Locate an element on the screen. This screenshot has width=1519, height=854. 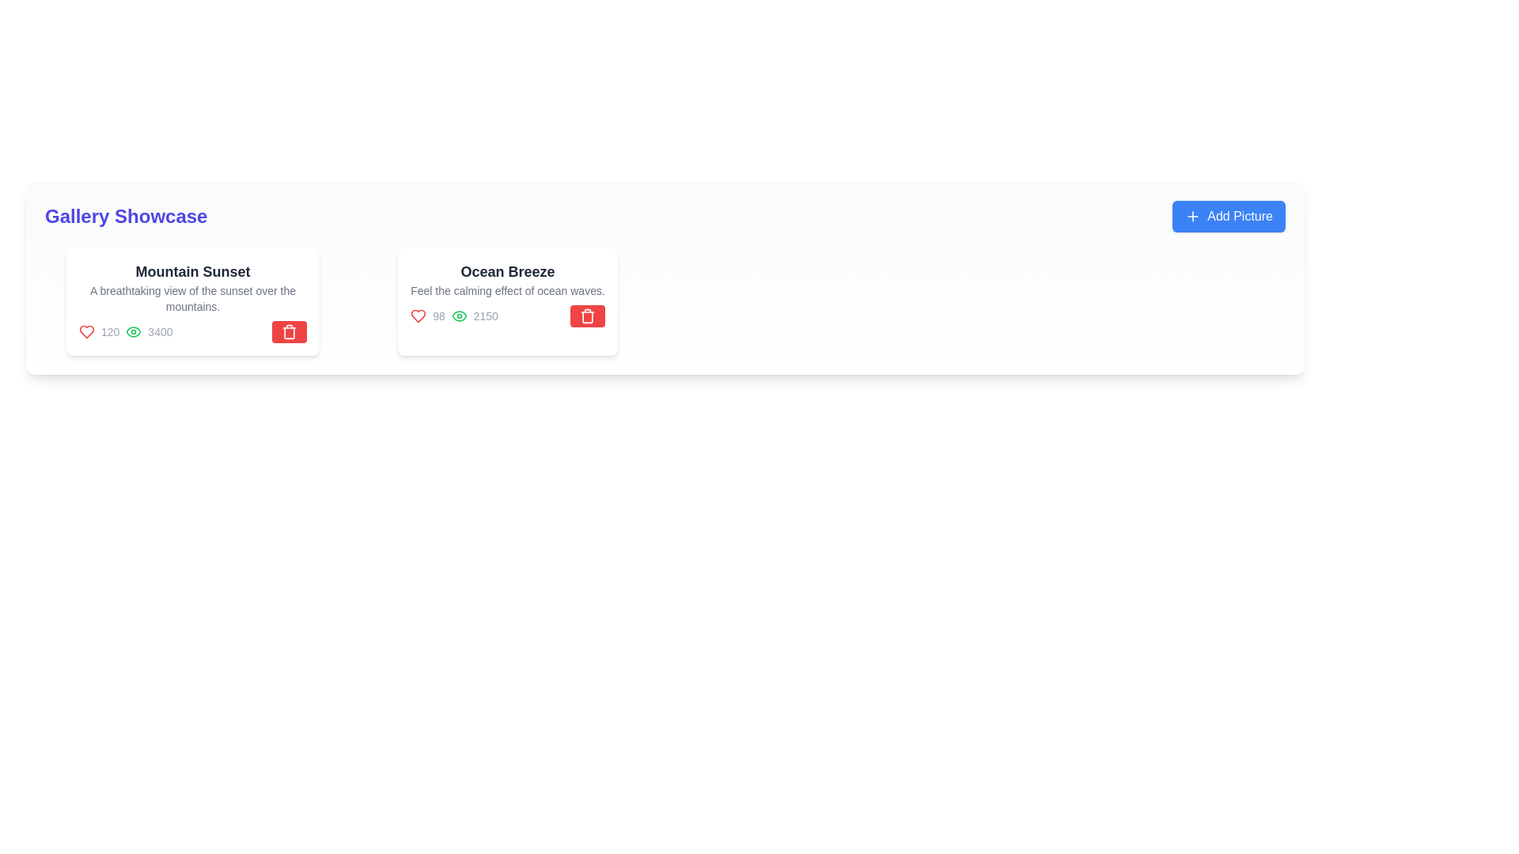
the delete button located at the bottom right of the 'Ocean Breeze' card is located at coordinates (586, 316).